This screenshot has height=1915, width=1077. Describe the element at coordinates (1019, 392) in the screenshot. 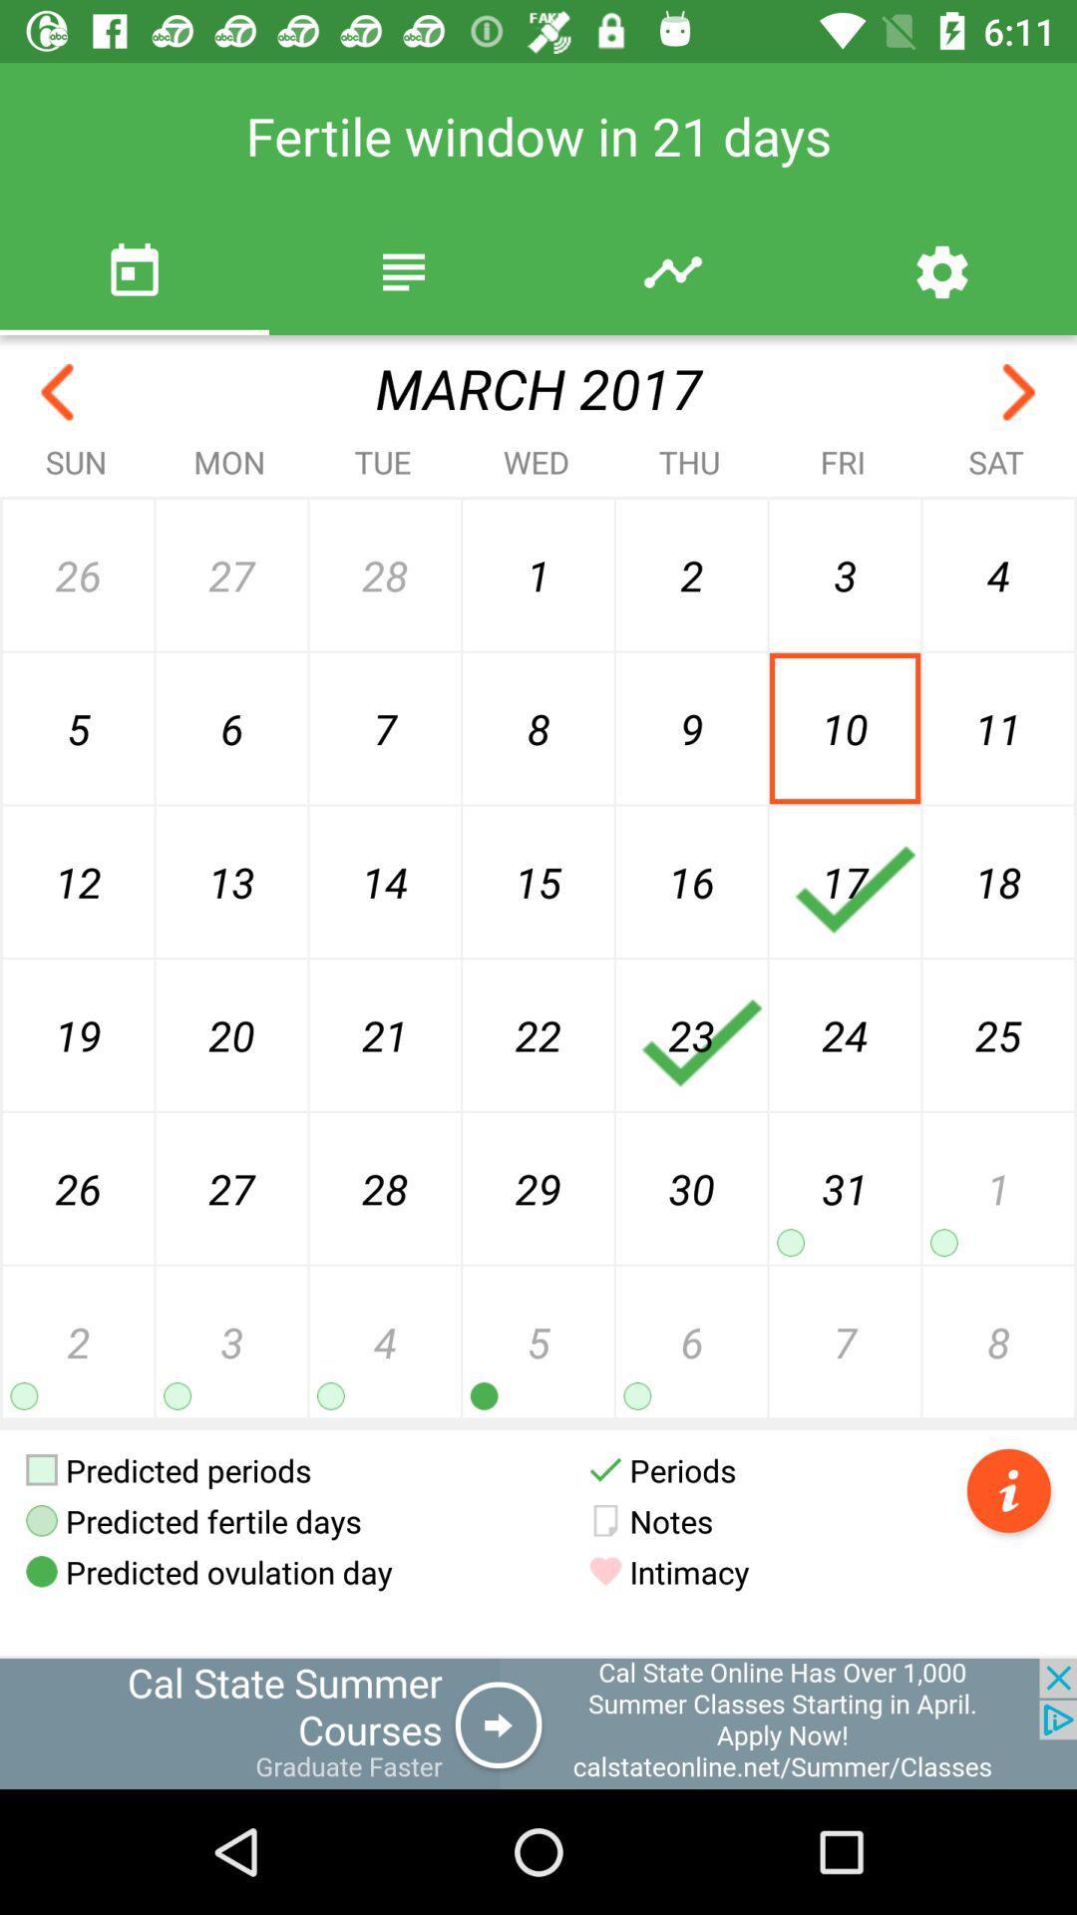

I see `previous` at that location.